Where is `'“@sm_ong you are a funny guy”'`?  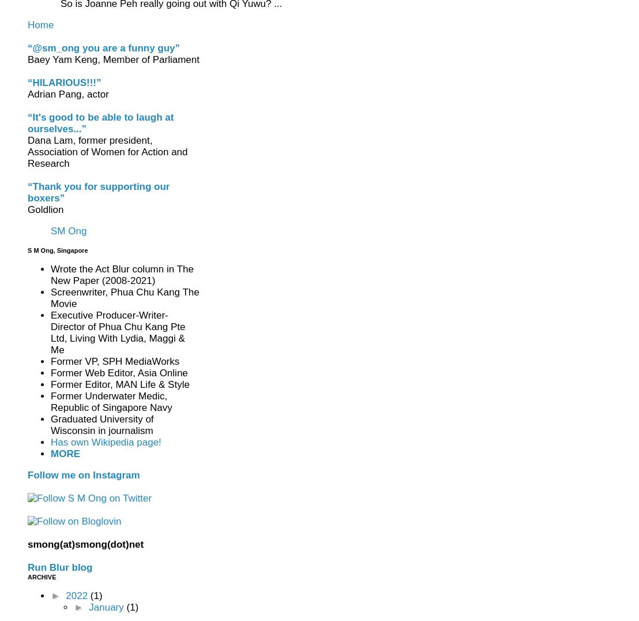 '“@sm_ong you are a funny guy”' is located at coordinates (103, 48).